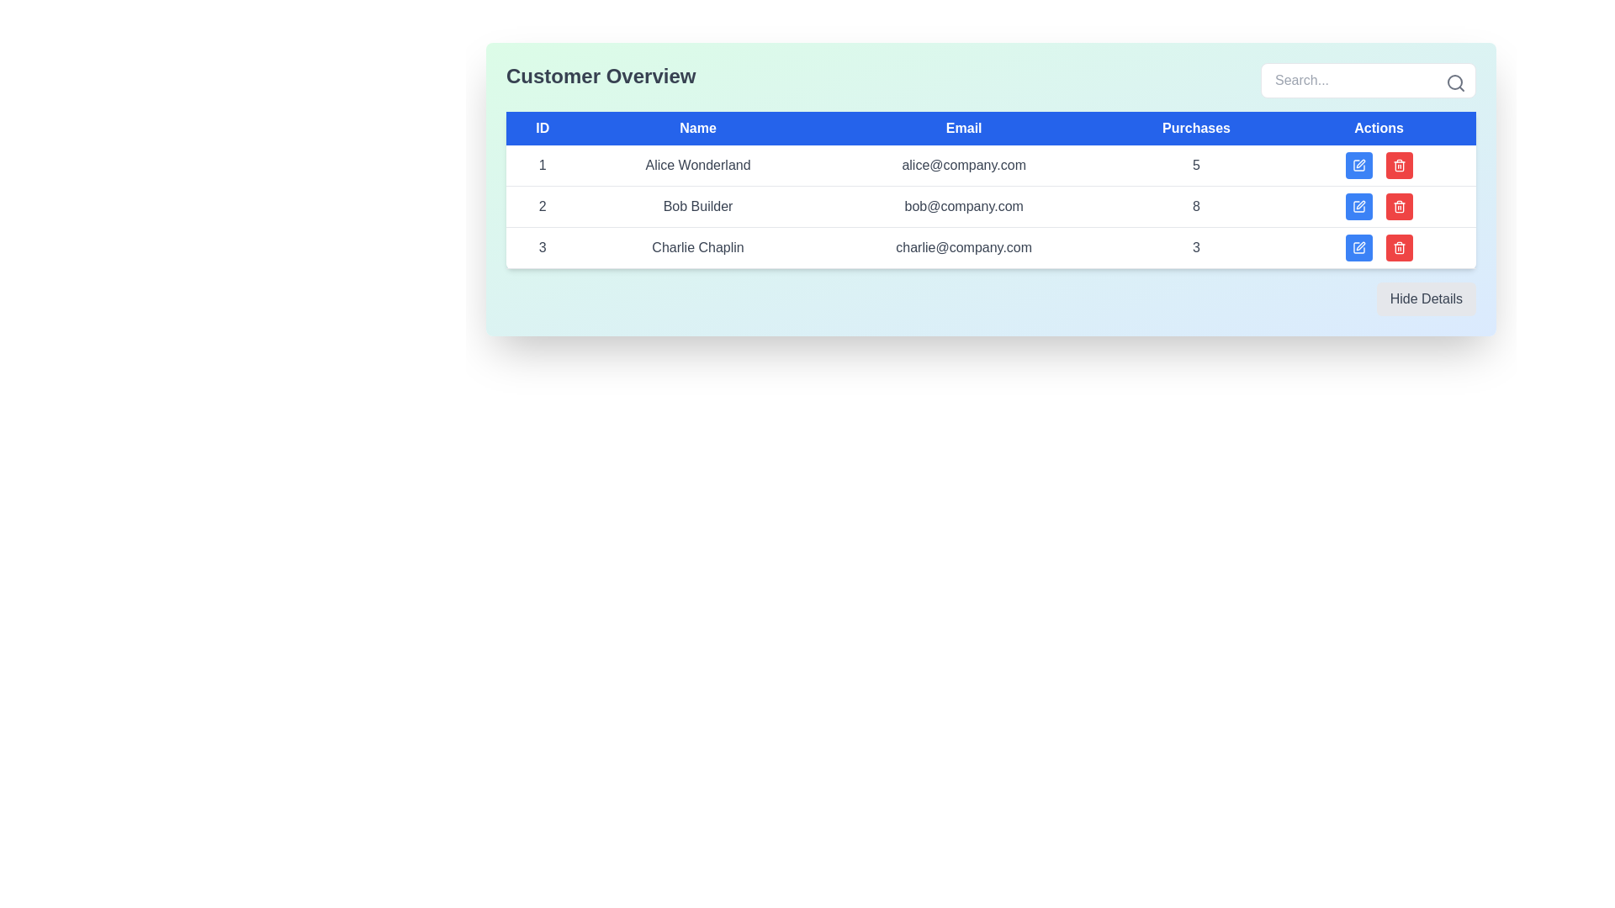 The image size is (1615, 908). Describe the element at coordinates (991, 298) in the screenshot. I see `the 'Hide Details' button, which has a gray background and rounded corners, located at the bottom-right of the 'Customer Overview' component` at that location.